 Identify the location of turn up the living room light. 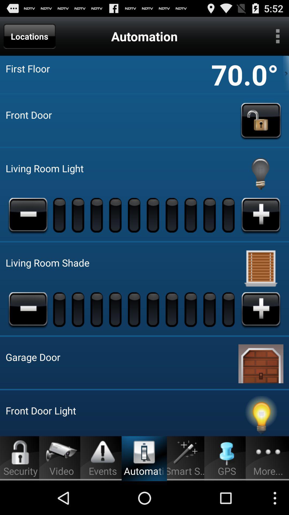
(261, 215).